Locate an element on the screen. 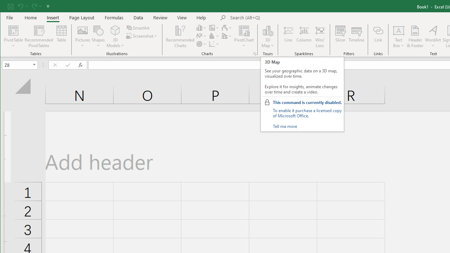 This screenshot has width=450, height=253. 'Recommended Charts' is located at coordinates (255, 53).